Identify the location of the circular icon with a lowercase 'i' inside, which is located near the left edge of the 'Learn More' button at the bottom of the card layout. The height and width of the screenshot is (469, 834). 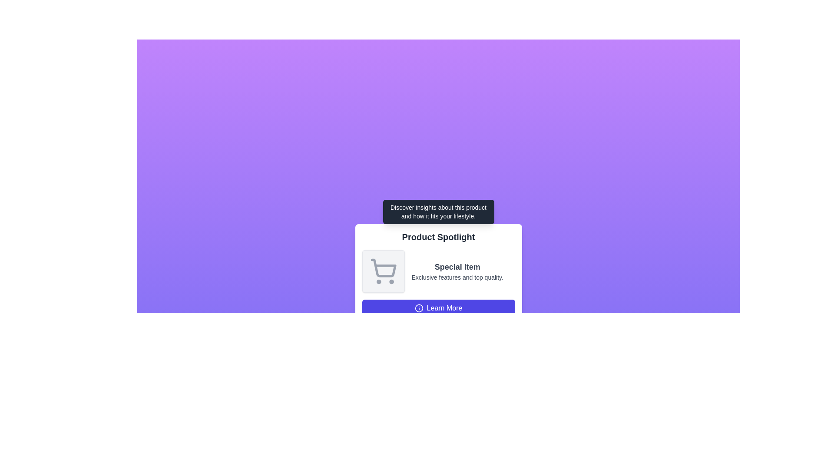
(419, 307).